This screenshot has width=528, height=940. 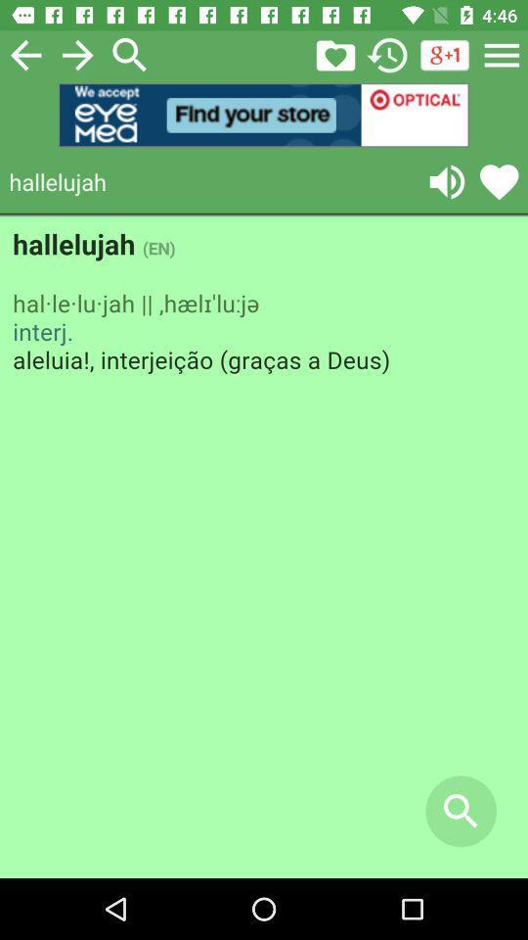 I want to click on to favorites folder, so click(x=334, y=54).